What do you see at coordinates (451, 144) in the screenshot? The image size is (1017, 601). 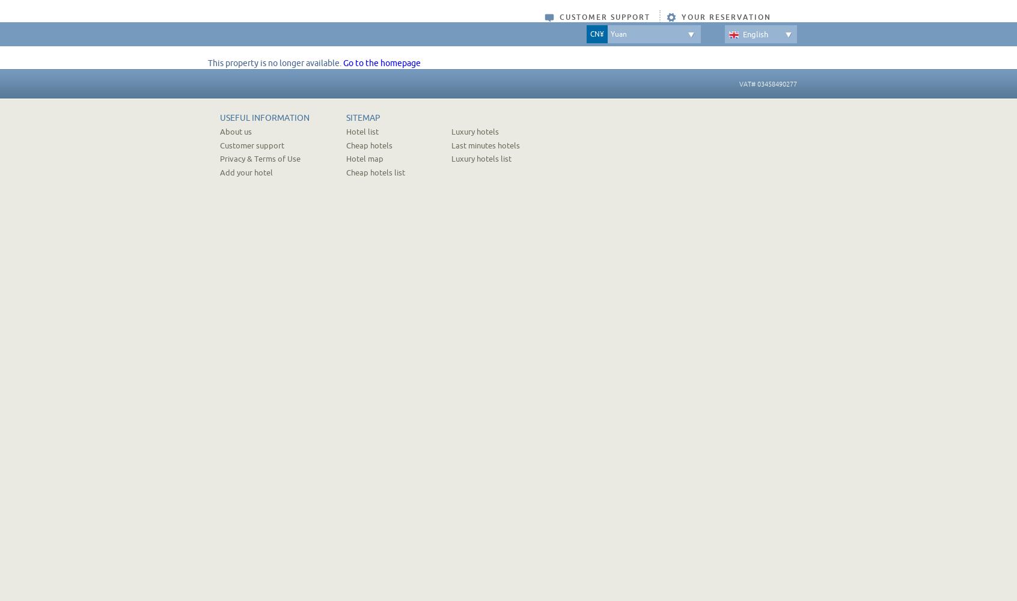 I see `'Last minutes hotels'` at bounding box center [451, 144].